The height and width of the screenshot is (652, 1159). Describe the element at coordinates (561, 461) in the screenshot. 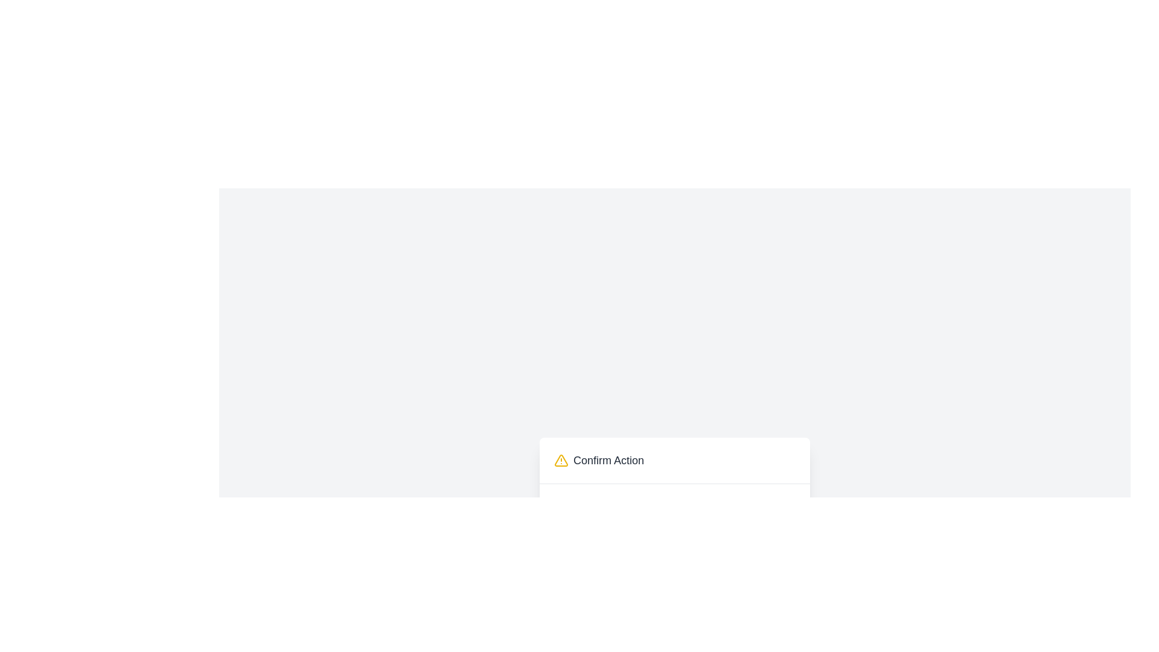

I see `the alert icon located to the left of the 'Confirm Action' text for further details` at that location.